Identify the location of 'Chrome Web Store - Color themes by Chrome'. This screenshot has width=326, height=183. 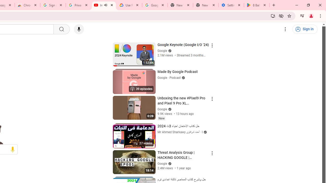
(27, 5).